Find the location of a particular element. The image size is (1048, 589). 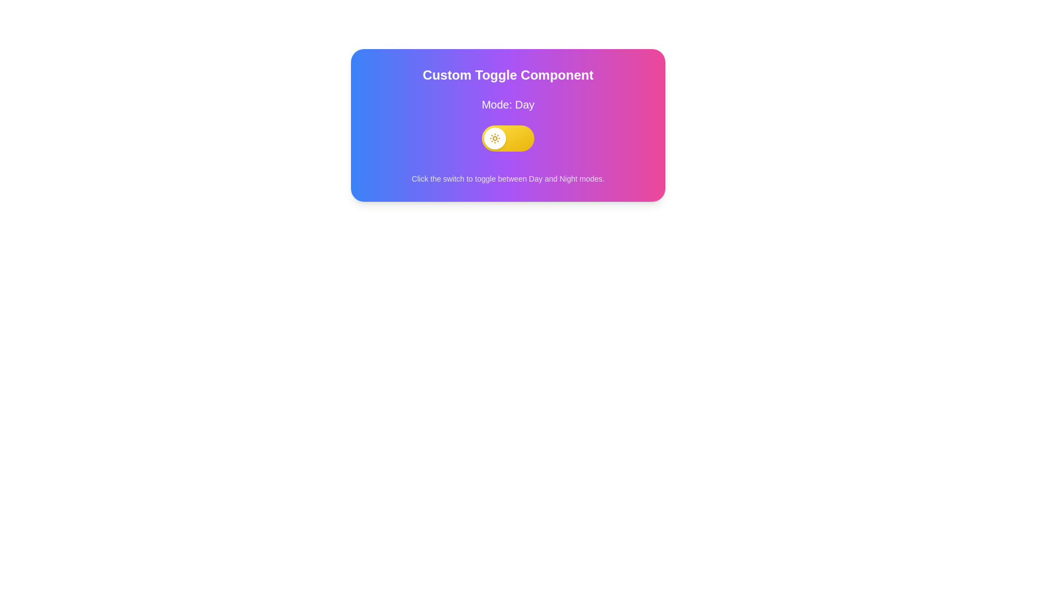

the static header text label that serves as a title for the section related to day and night modes is located at coordinates (508, 75).